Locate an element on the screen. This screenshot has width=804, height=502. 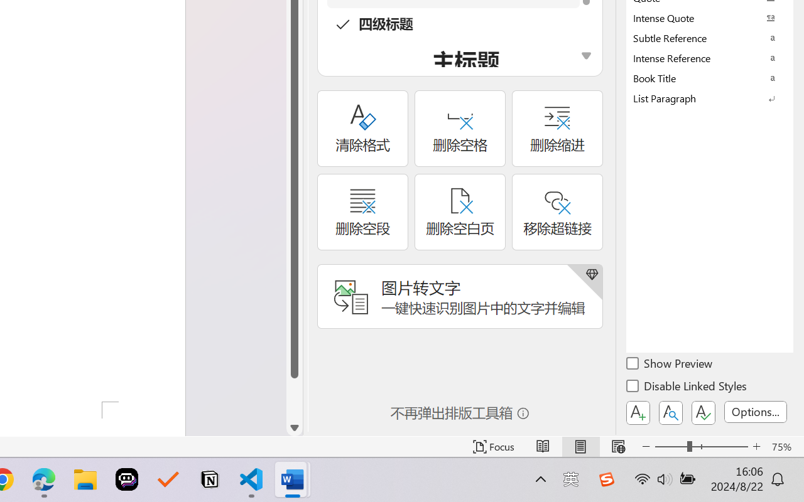
'Zoom' is located at coordinates (700, 446).